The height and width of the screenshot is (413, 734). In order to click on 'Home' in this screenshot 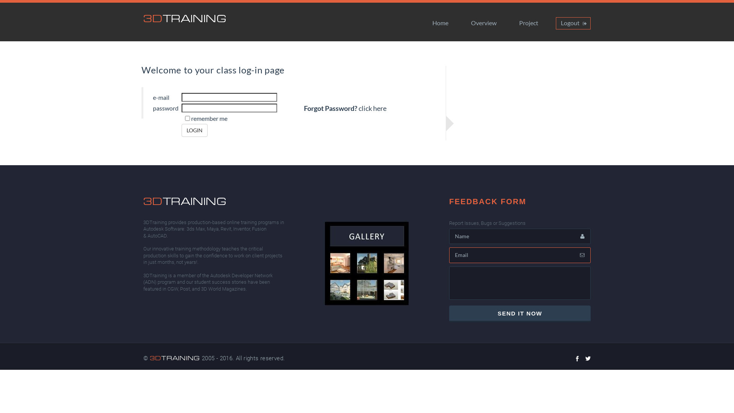, I will do `click(440, 23)`.